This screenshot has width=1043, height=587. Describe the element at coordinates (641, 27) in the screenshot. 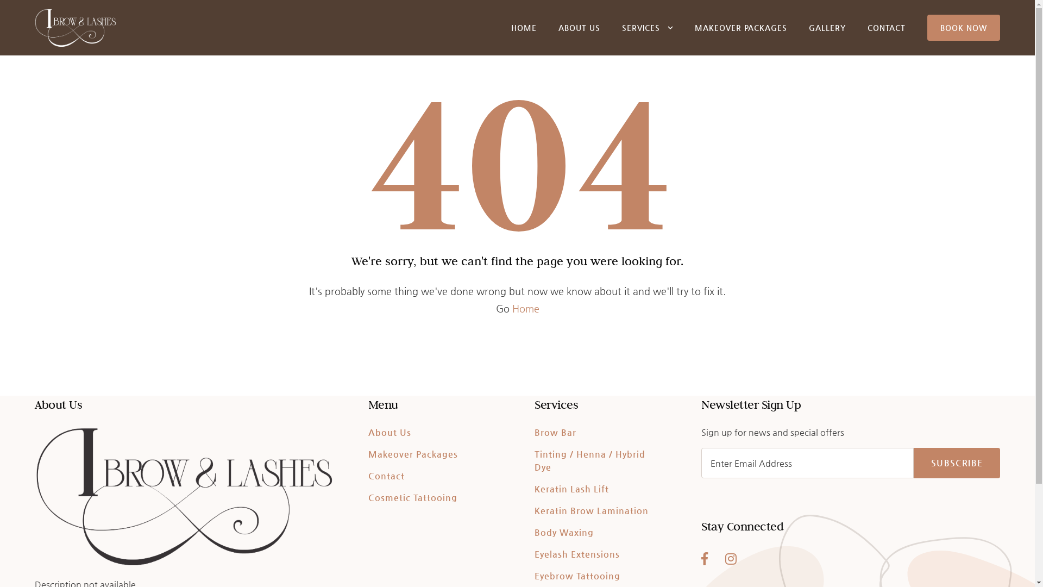

I see `'SERVICES'` at that location.